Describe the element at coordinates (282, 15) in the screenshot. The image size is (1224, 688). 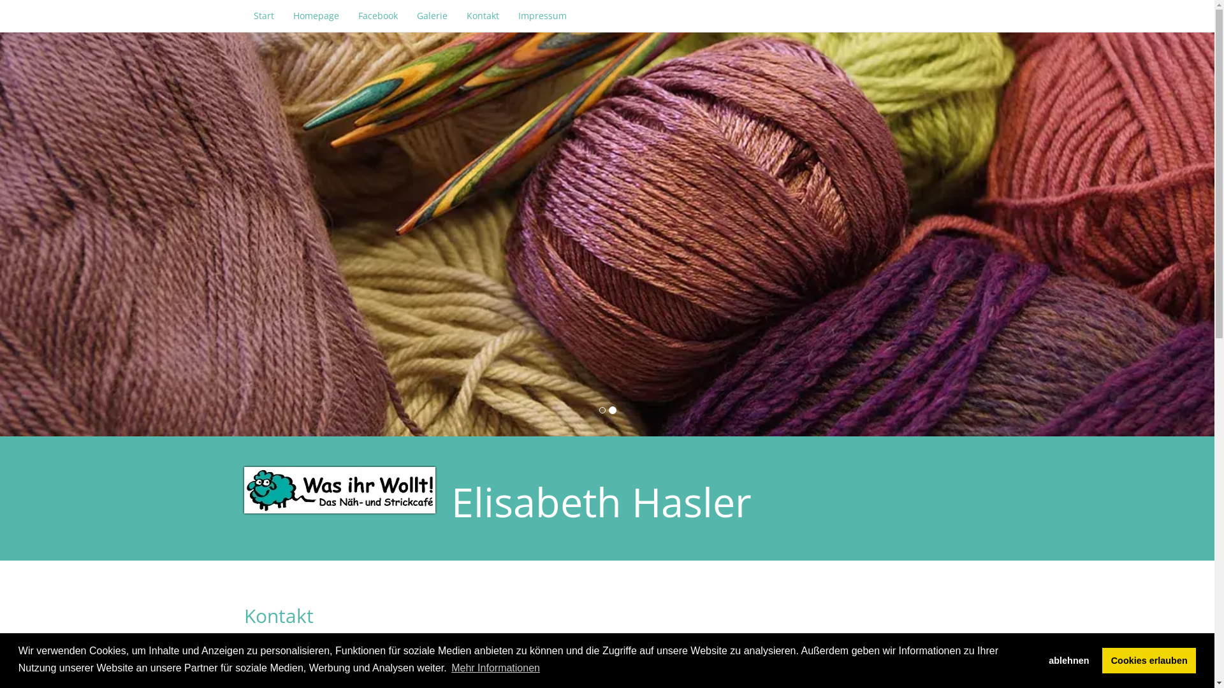
I see `'Homepage'` at that location.